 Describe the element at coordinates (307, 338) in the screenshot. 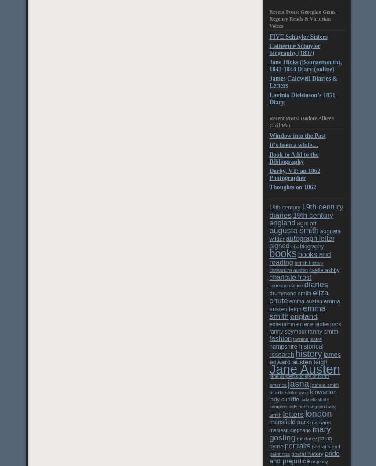

I see `'fashion plates'` at that location.